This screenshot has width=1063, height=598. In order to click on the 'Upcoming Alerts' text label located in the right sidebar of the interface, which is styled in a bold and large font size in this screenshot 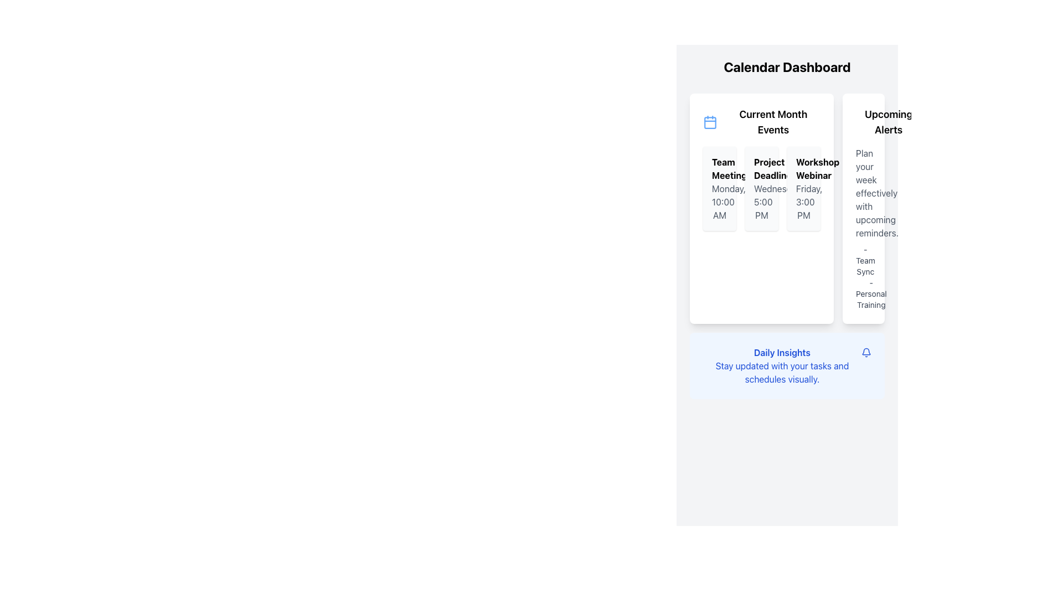, I will do `click(889, 122)`.